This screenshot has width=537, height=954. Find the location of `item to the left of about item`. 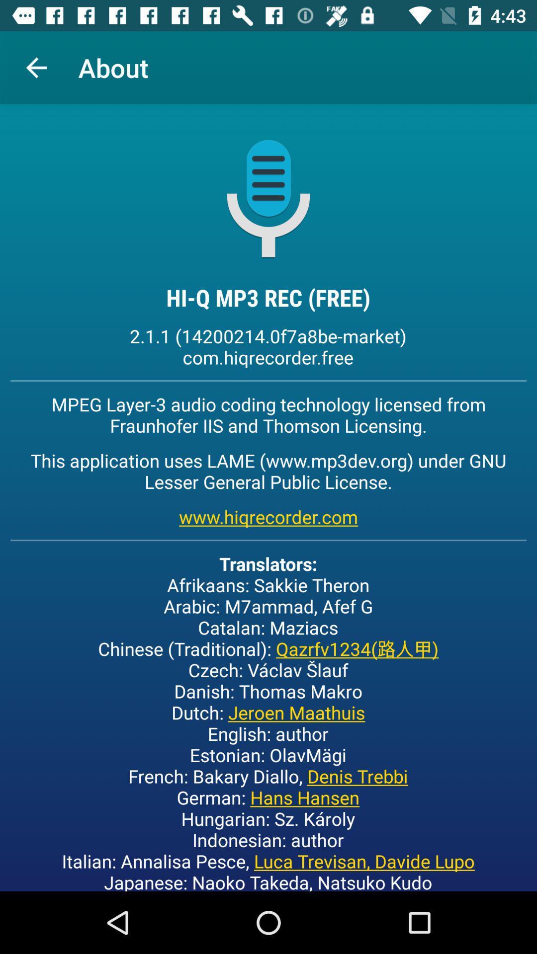

item to the left of about item is located at coordinates (36, 67).